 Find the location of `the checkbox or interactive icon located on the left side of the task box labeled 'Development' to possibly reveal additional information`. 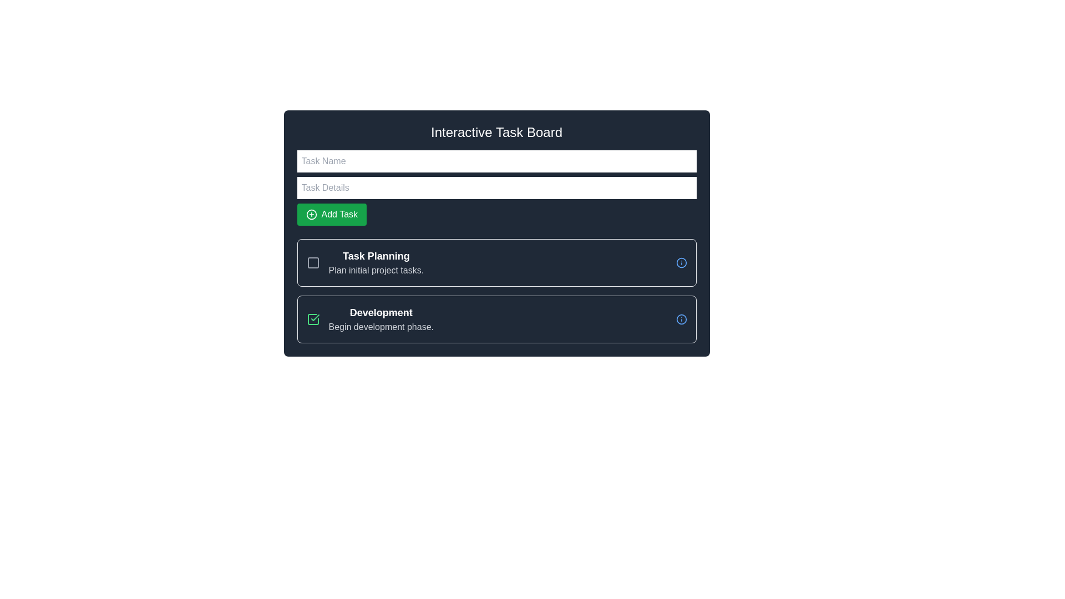

the checkbox or interactive icon located on the left side of the task box labeled 'Development' to possibly reveal additional information is located at coordinates (312, 319).